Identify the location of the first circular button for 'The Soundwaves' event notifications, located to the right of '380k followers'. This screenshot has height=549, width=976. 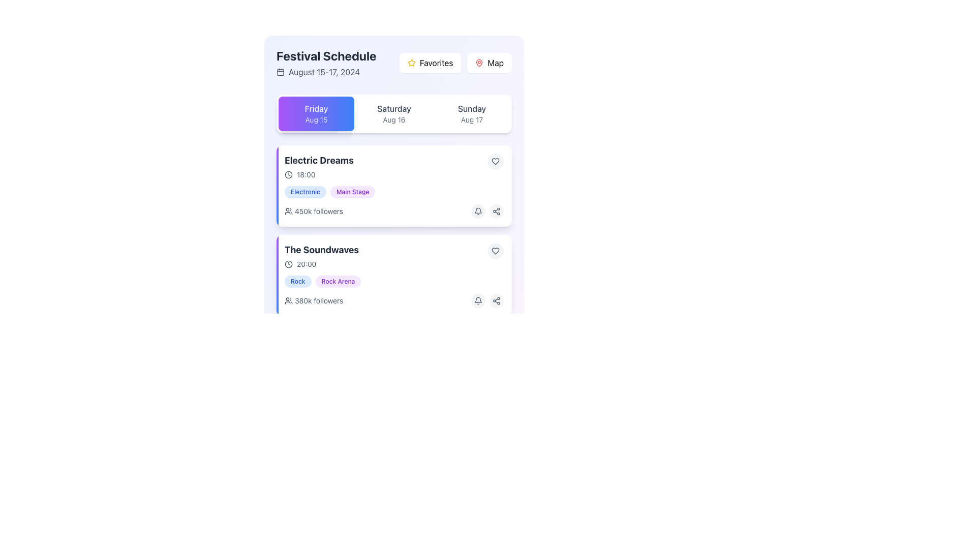
(477, 389).